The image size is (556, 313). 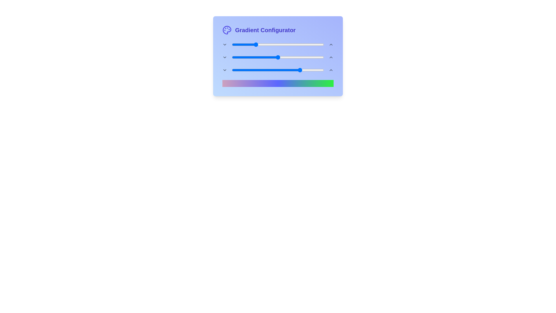 What do you see at coordinates (281, 57) in the screenshot?
I see `the mid gradient slider to 54 percent` at bounding box center [281, 57].